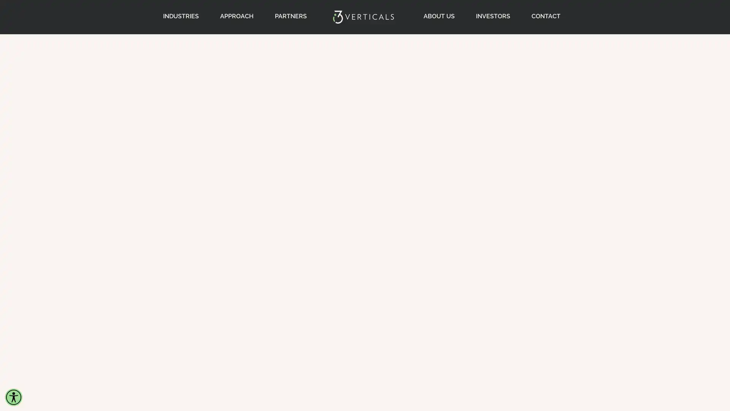  Describe the element at coordinates (13, 397) in the screenshot. I see `Accessibility Menu` at that location.